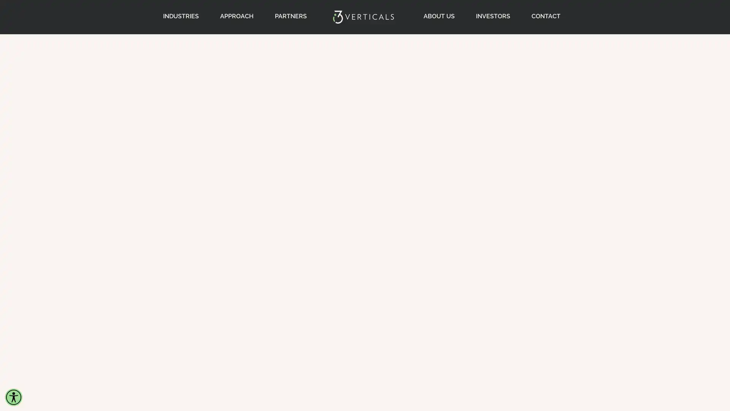  Describe the element at coordinates (13, 397) in the screenshot. I see `Accessibility Menu` at that location.